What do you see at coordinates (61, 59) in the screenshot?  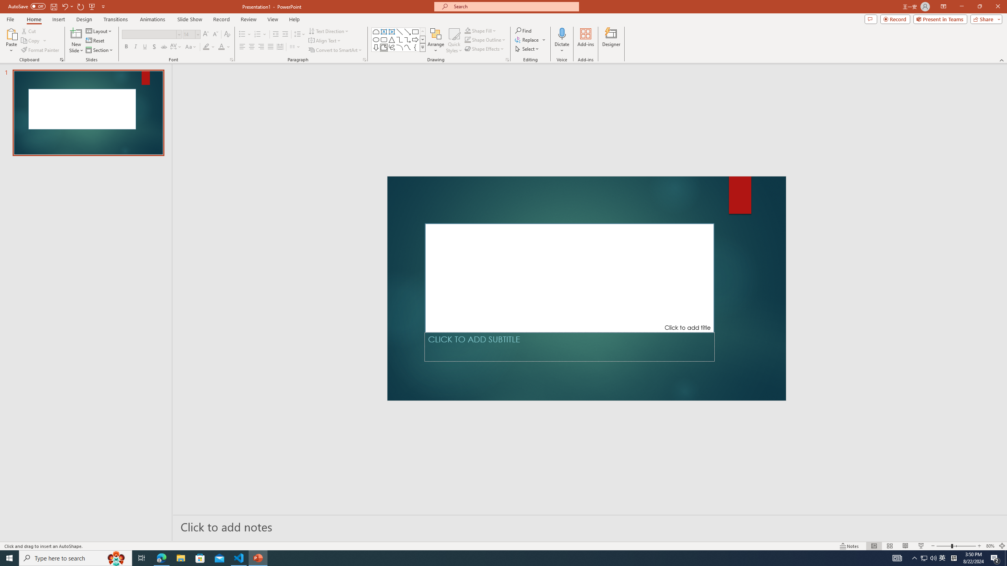 I see `'Office Clipboard...'` at bounding box center [61, 59].